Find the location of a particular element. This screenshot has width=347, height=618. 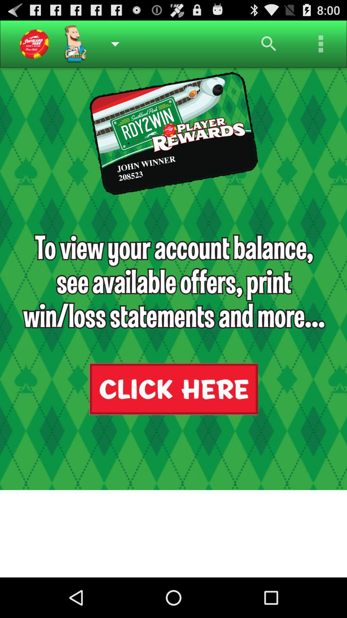

menu is located at coordinates (321, 43).